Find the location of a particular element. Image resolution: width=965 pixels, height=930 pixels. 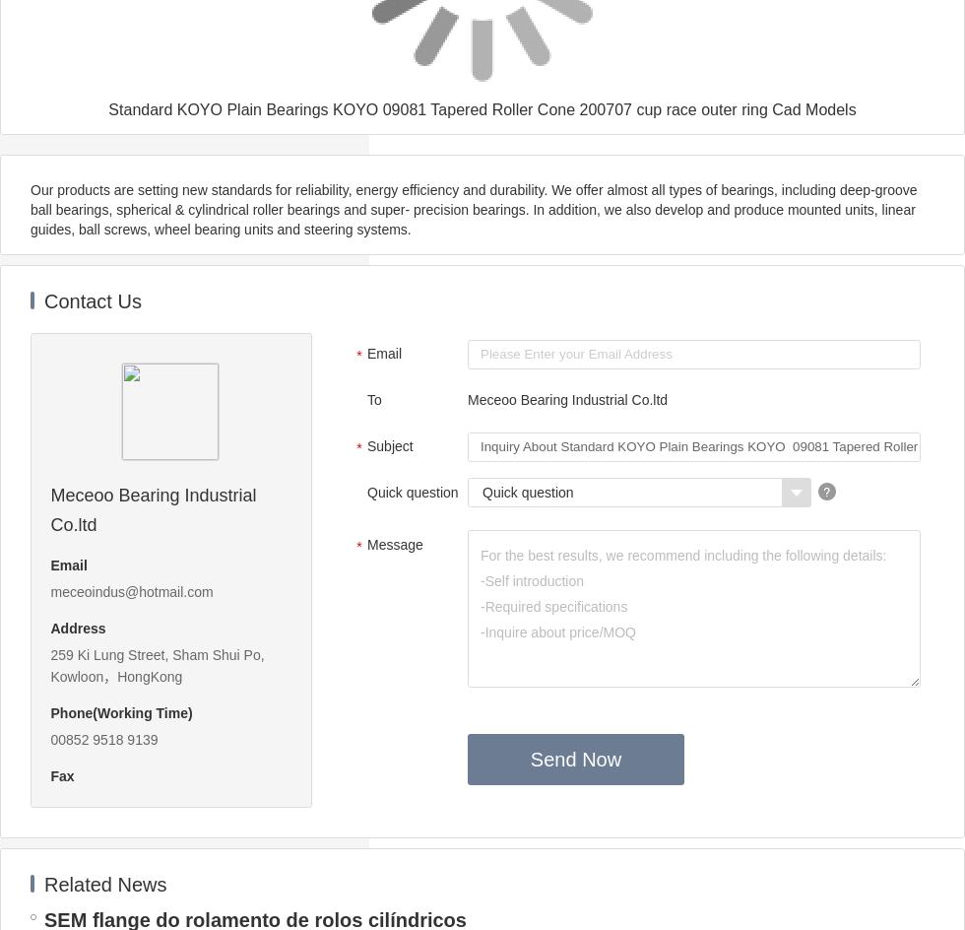

'Message' is located at coordinates (366, 543).